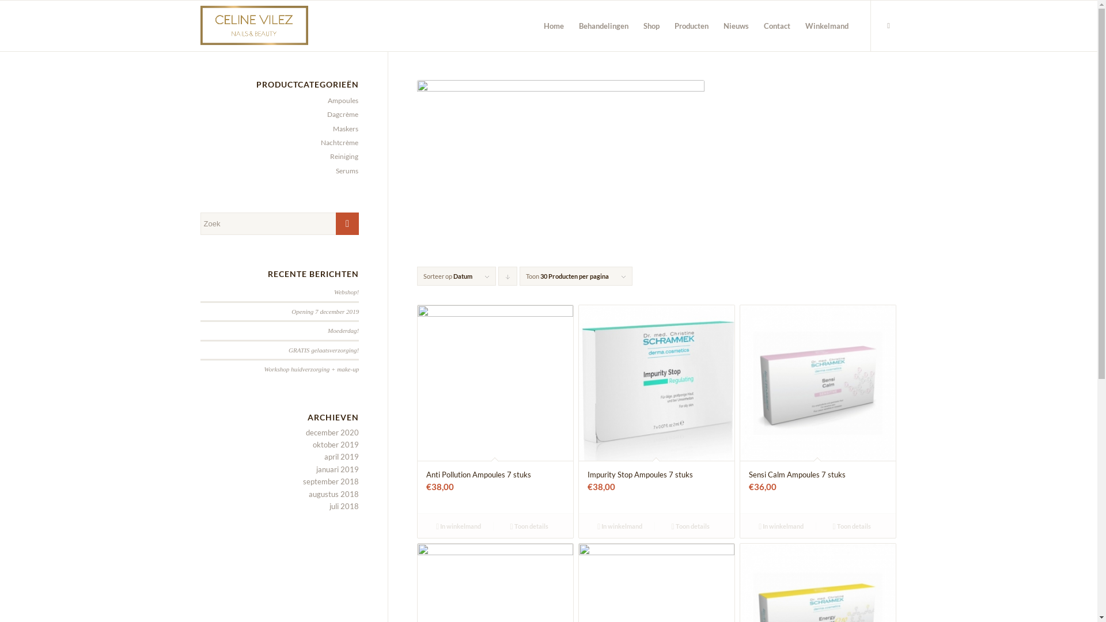  I want to click on 'Behandelingen', so click(603, 26).